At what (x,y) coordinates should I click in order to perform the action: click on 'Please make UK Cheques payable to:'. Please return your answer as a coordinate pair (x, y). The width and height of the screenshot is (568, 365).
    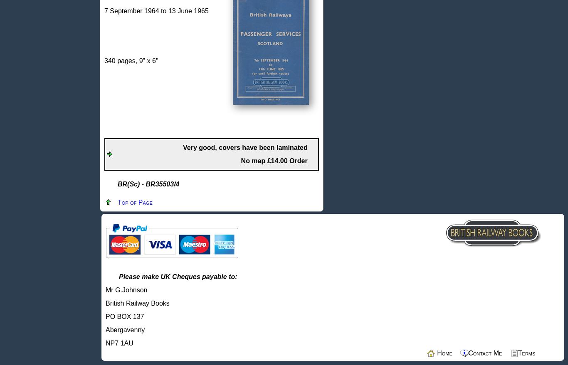
    Looking at the image, I should click on (177, 276).